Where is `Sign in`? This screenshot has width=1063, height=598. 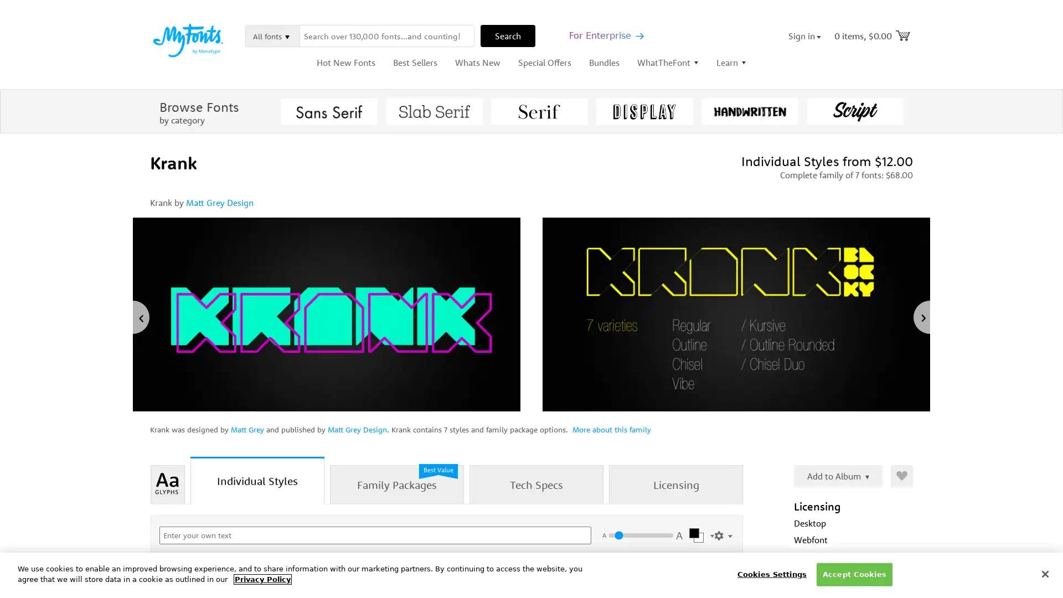 Sign in is located at coordinates (804, 35).